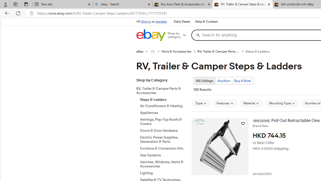  What do you see at coordinates (152, 51) in the screenshot?
I see `'breadcrumb menu'` at bounding box center [152, 51].